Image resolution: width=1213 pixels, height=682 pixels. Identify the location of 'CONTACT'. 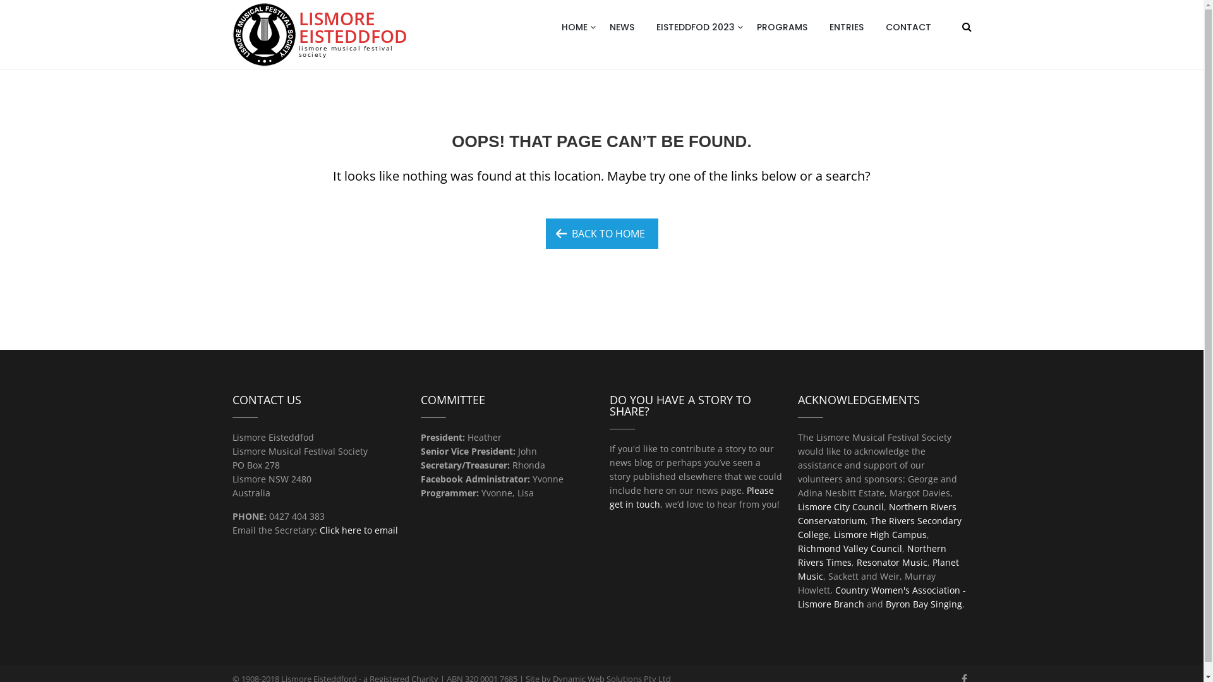
(915, 27).